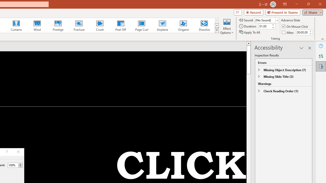 The image size is (326, 183). I want to click on 'Dissolve', so click(204, 25).